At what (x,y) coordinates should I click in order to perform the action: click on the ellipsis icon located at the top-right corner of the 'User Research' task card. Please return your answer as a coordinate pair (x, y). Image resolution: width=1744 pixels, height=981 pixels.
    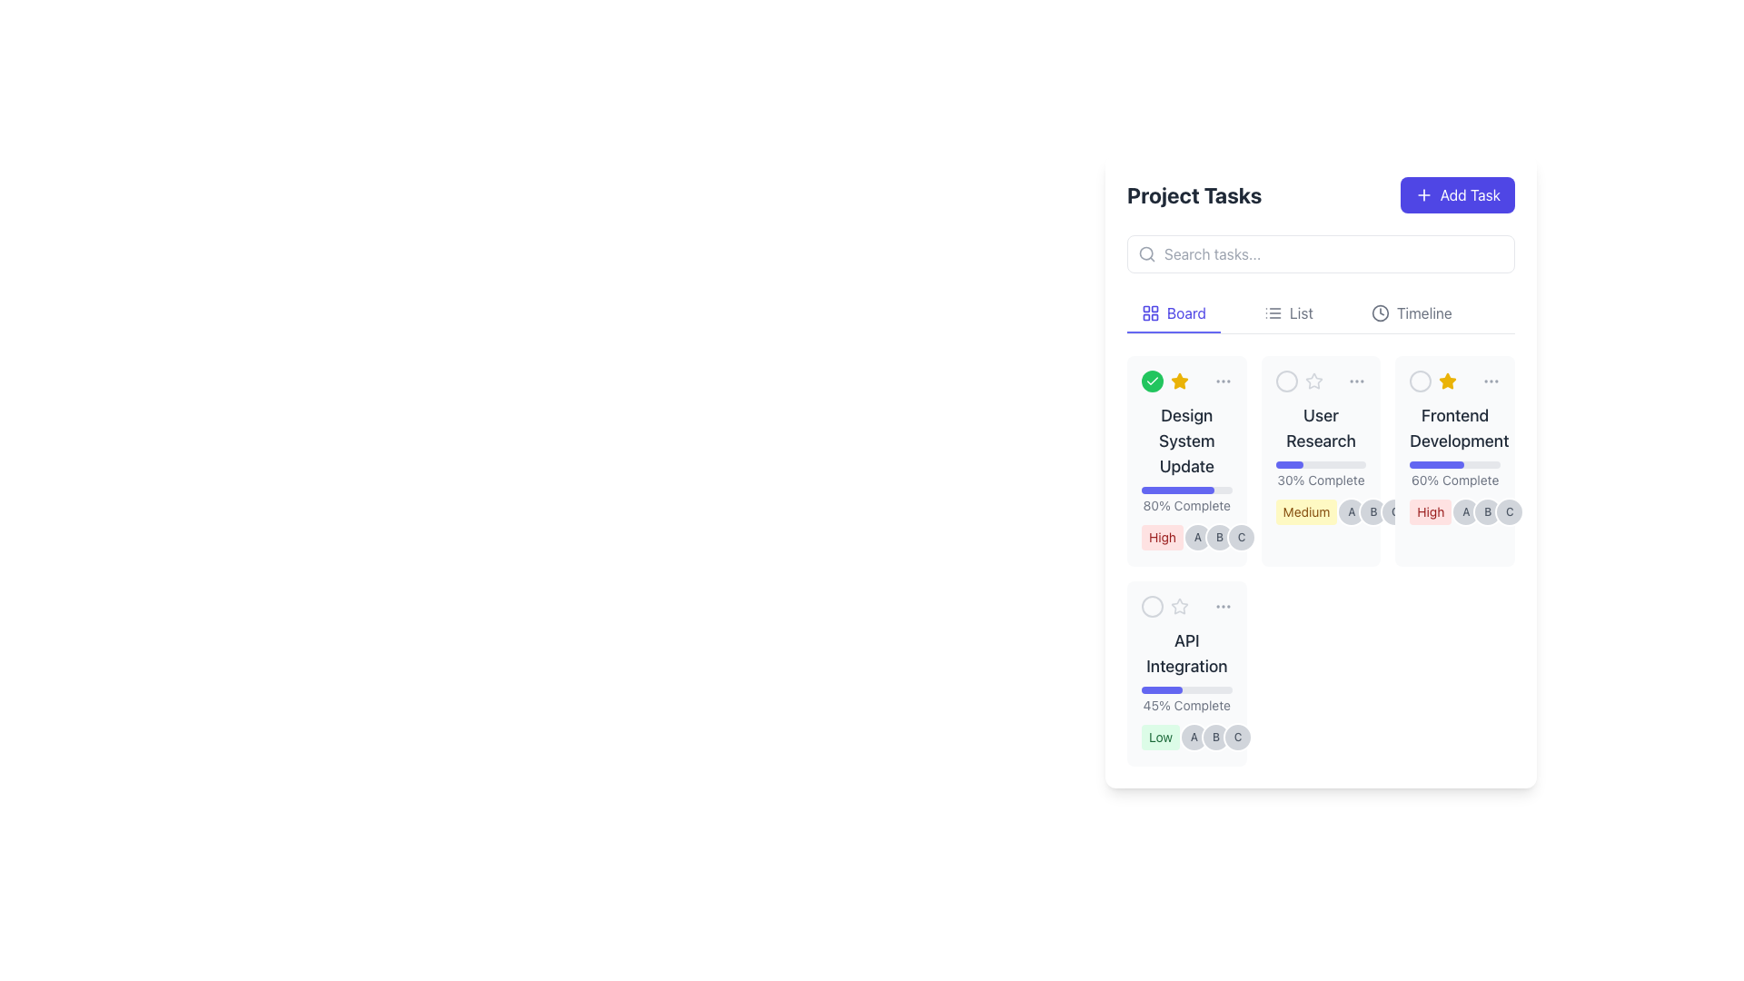
    Looking at the image, I should click on (1357, 381).